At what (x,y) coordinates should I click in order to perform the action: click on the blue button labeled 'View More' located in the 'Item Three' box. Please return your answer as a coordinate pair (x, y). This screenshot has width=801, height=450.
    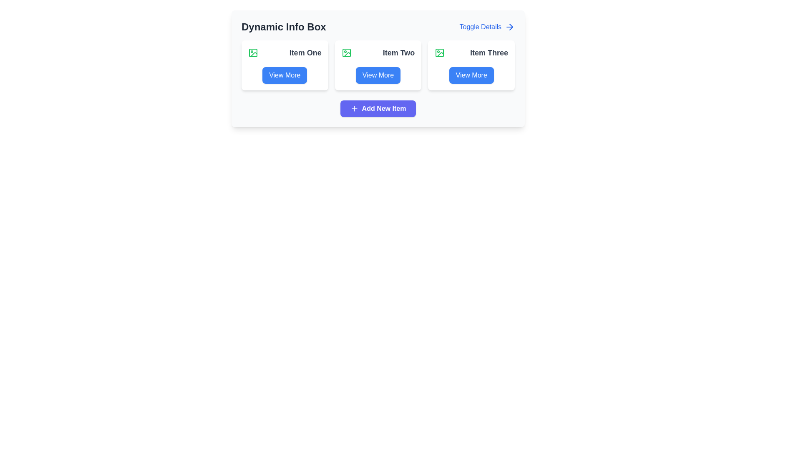
    Looking at the image, I should click on (471, 75).